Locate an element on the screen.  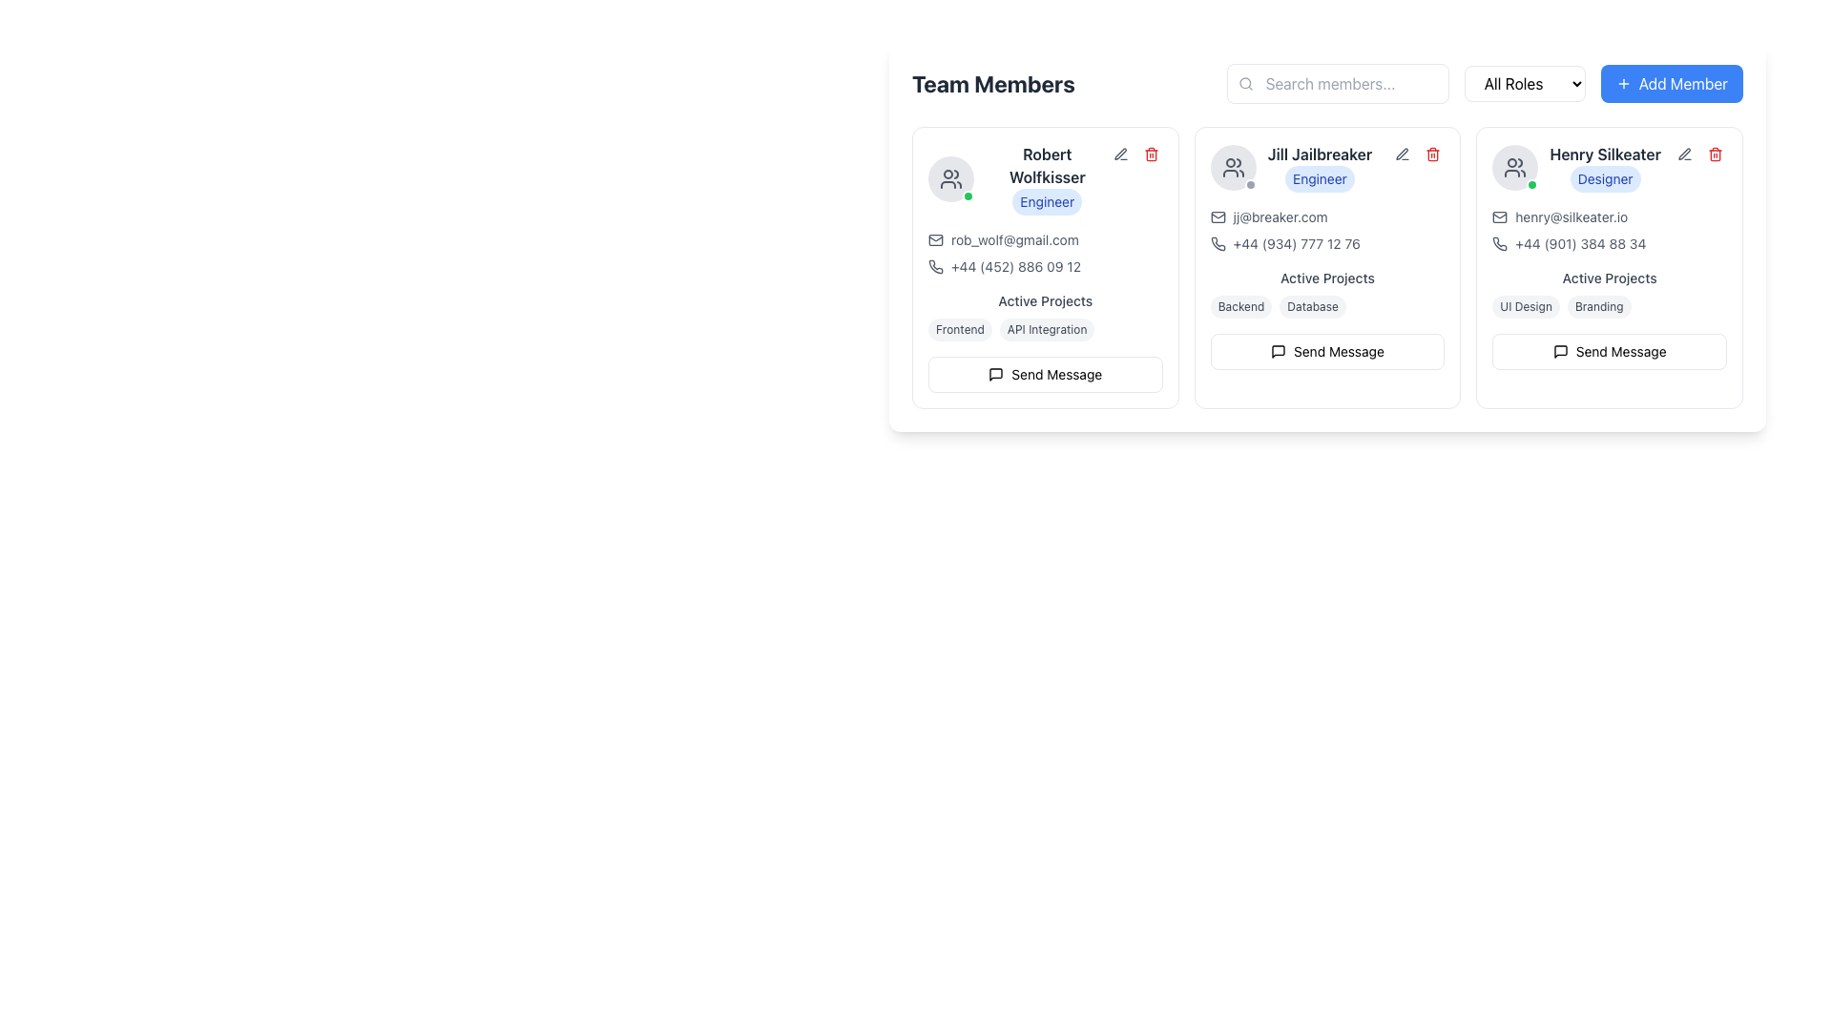
the pen icon button in the top-right corner of Robert Wolfkisser's profile card is located at coordinates (1120, 154).